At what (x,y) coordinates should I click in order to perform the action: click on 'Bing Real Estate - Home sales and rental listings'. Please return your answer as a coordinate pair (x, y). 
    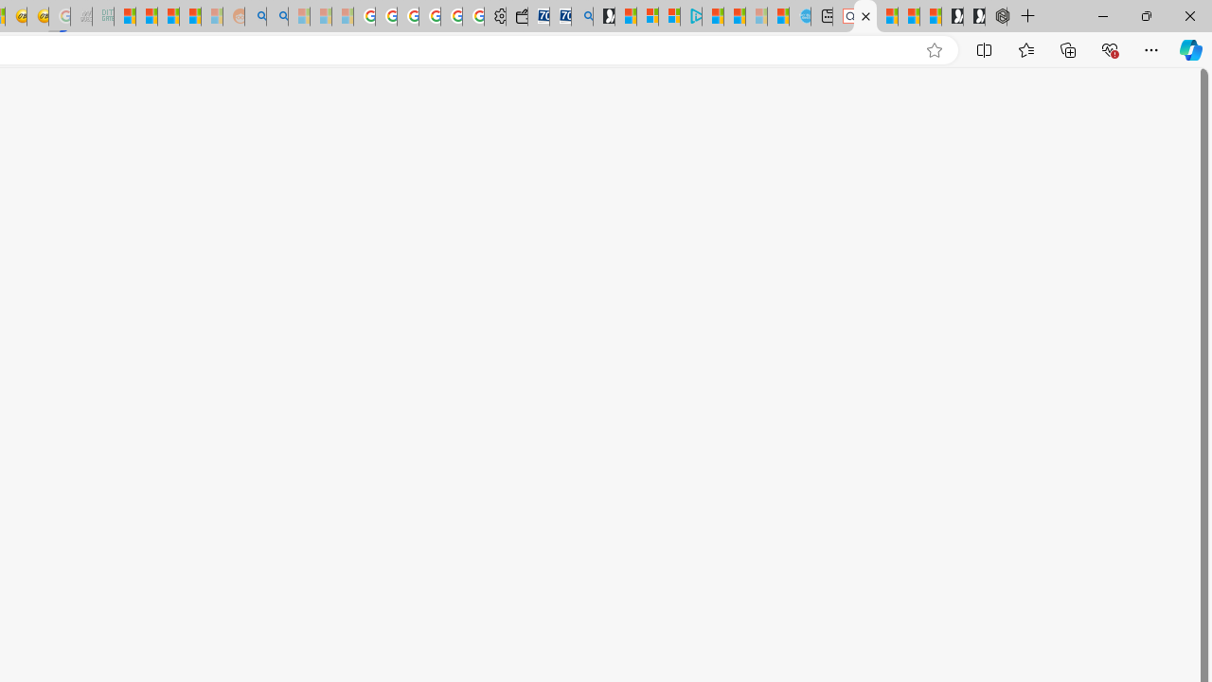
    Looking at the image, I should click on (581, 16).